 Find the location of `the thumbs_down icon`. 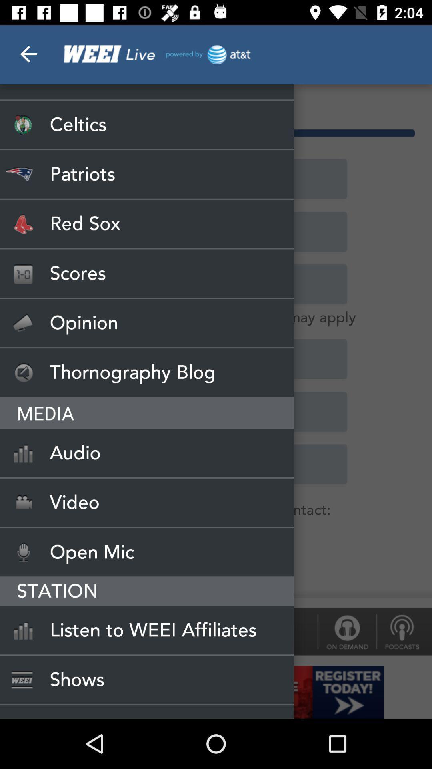

the thumbs_down icon is located at coordinates (404, 631).